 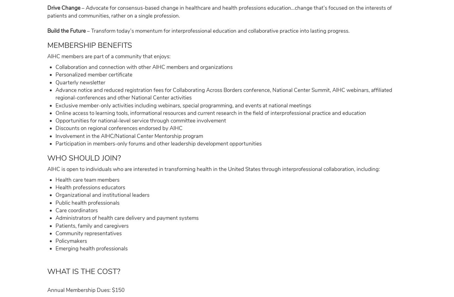 What do you see at coordinates (126, 218) in the screenshot?
I see `'Administrators of health care delivery and payment systems'` at bounding box center [126, 218].